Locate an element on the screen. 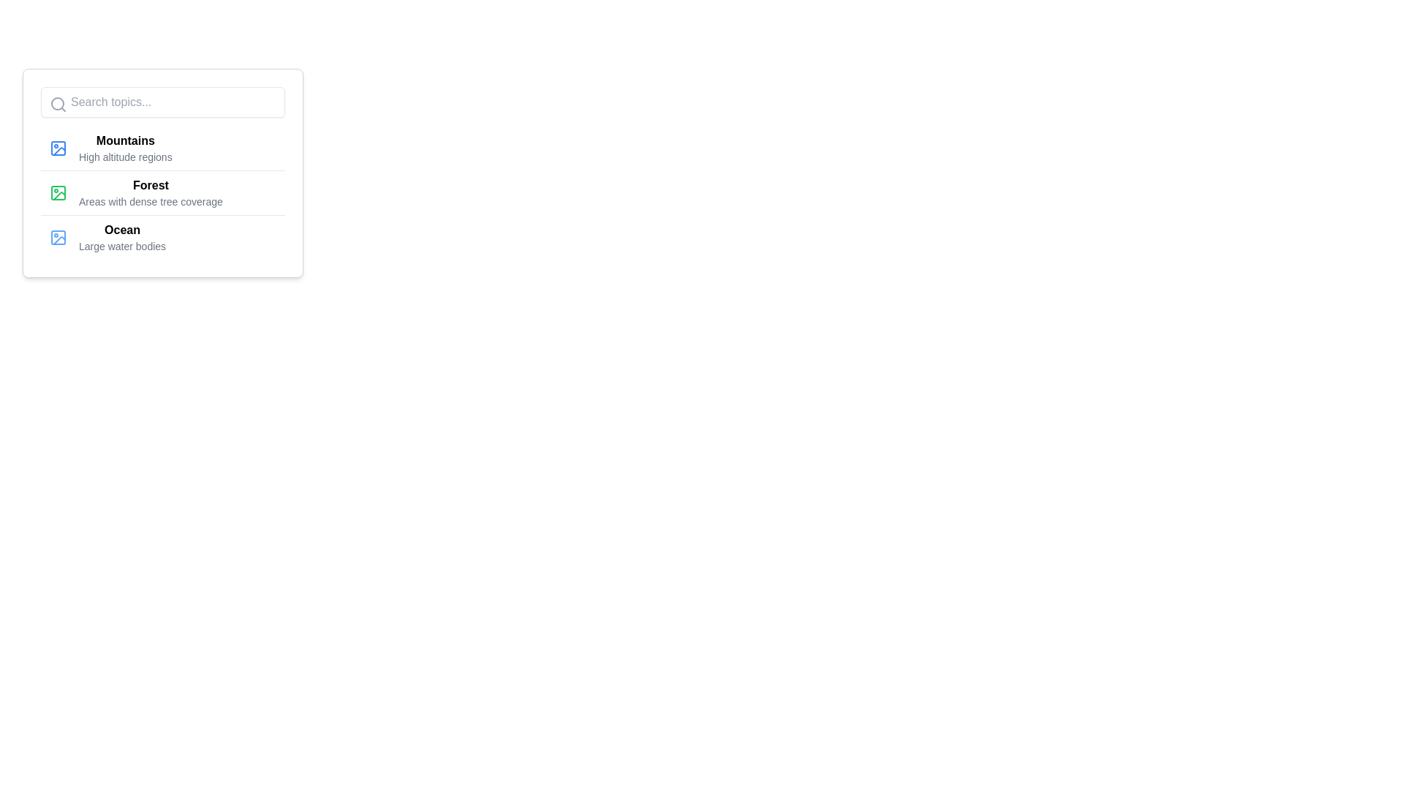 Image resolution: width=1404 pixels, height=790 pixels. the magnifying glass icon located in the top-left corner of the input field labeled 'Search topics...' is located at coordinates (58, 103).